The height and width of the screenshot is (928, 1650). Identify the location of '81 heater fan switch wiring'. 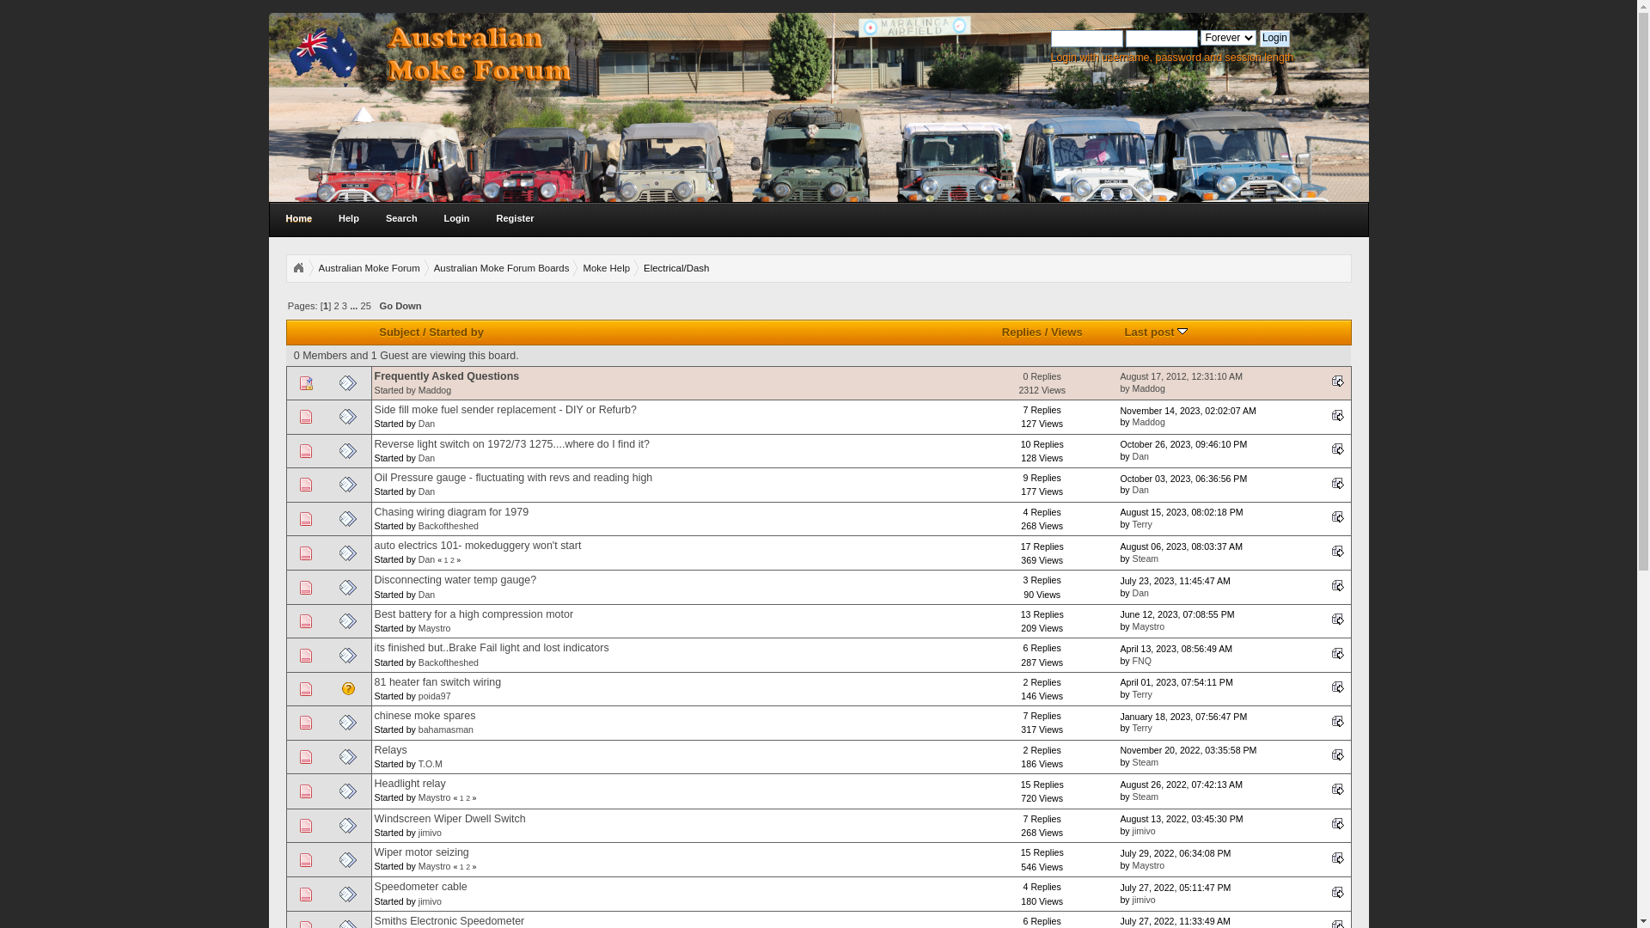
(374, 681).